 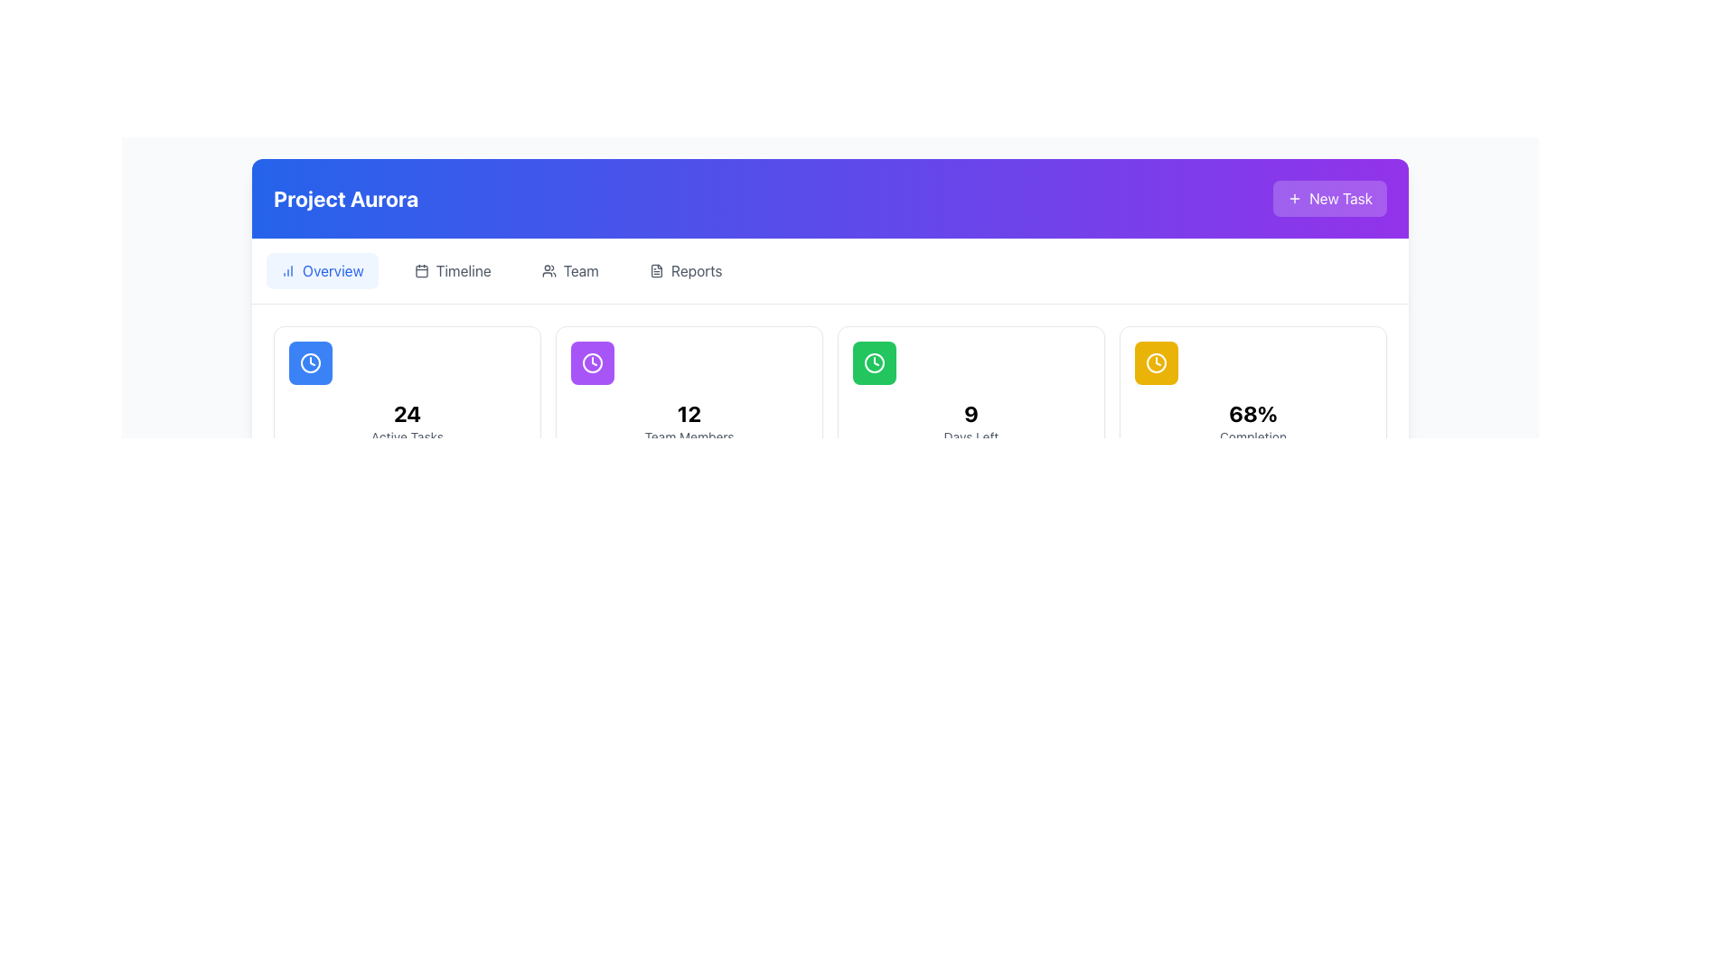 What do you see at coordinates (593, 362) in the screenshot?
I see `the time or schedule icon located within the second column card, which displays '12 Team Members' below it` at bounding box center [593, 362].